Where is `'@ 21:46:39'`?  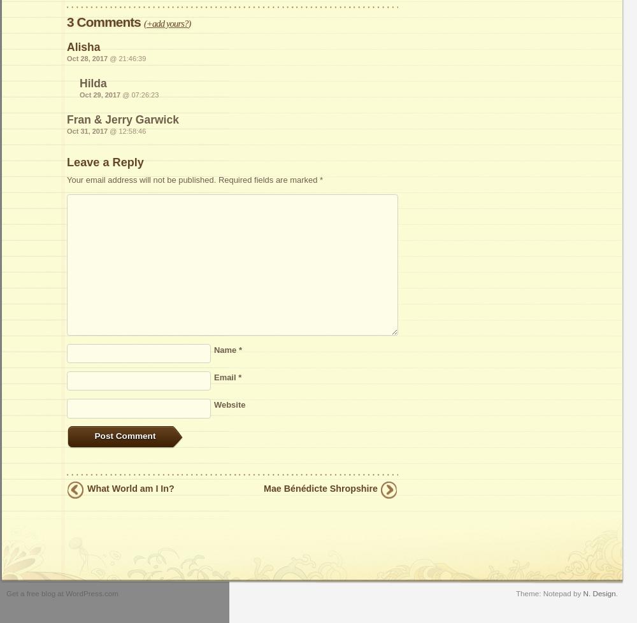 '@ 21:46:39' is located at coordinates (126, 59).